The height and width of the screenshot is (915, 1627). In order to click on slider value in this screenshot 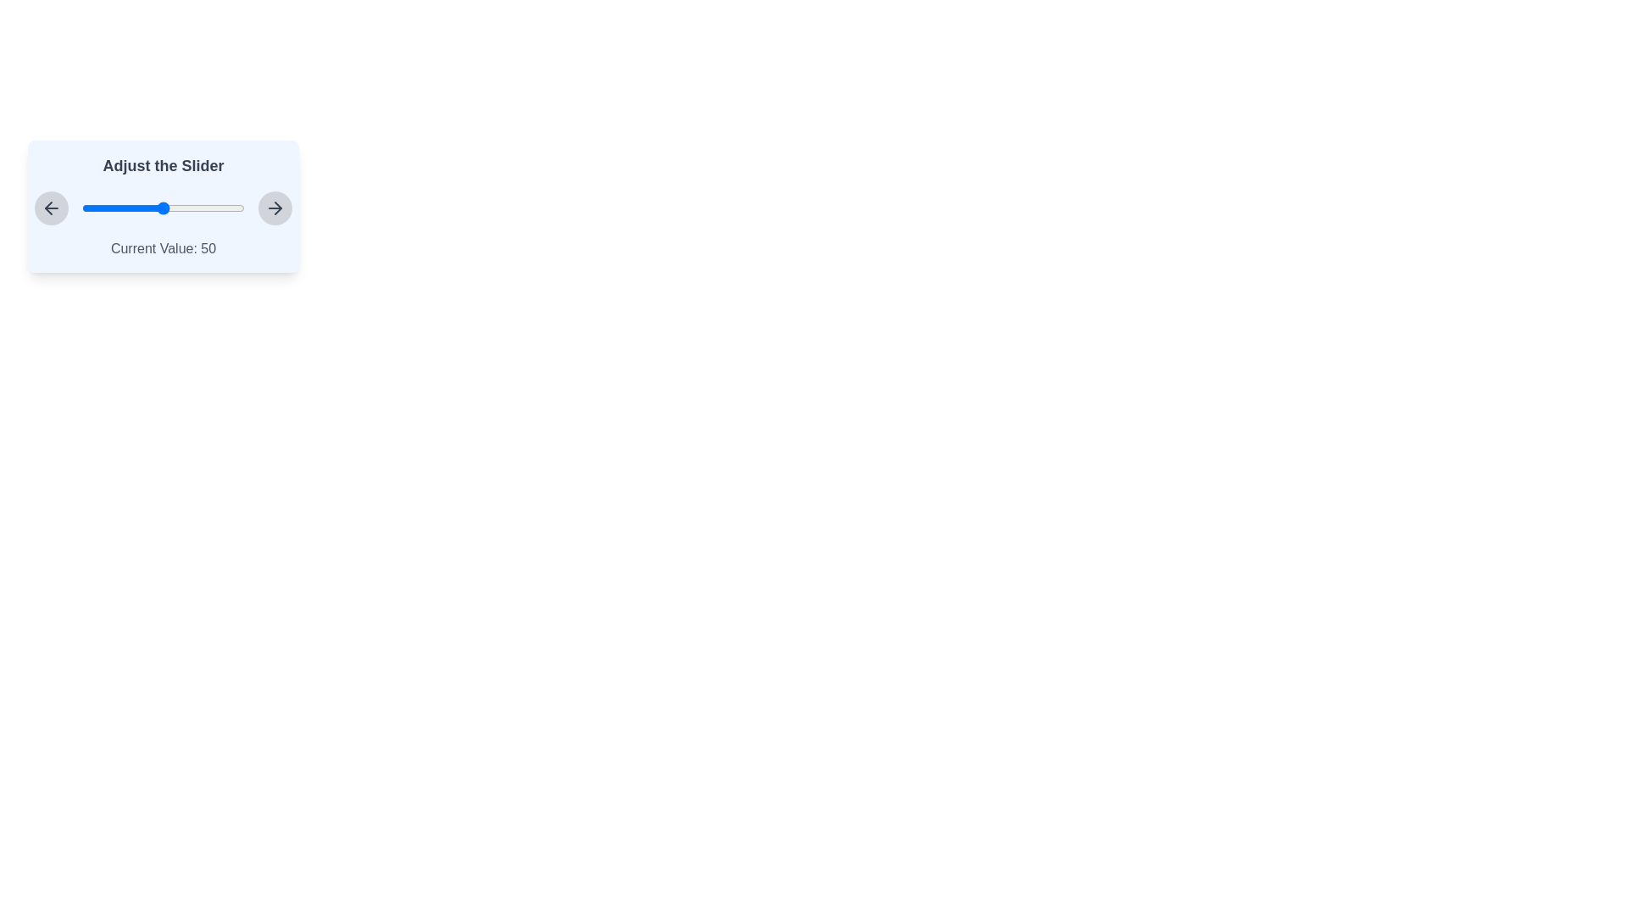, I will do `click(84, 208)`.